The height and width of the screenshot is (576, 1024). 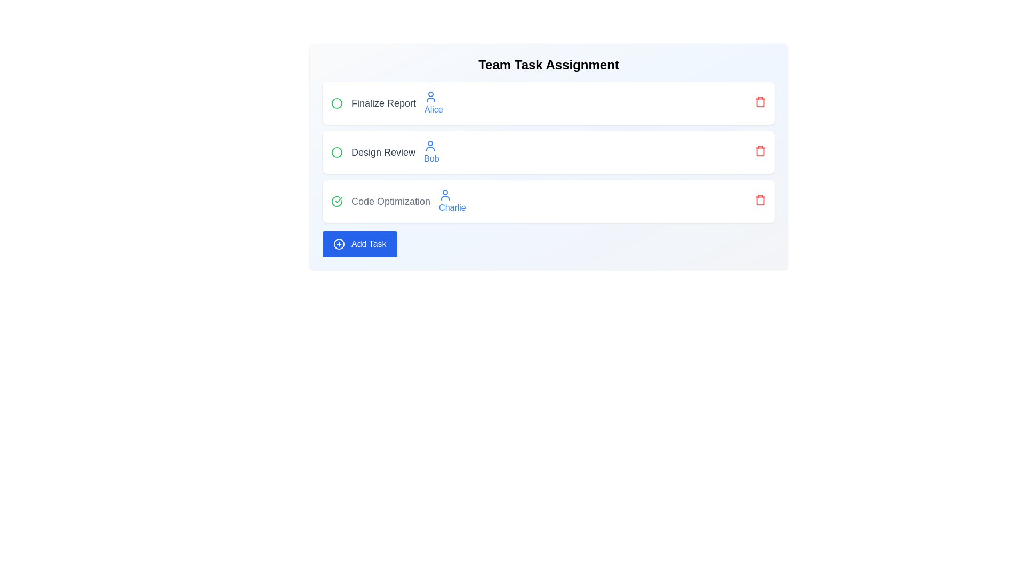 I want to click on the trash icon to remove the task Code Optimization, so click(x=759, y=199).